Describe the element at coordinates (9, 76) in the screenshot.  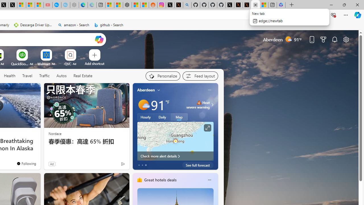
I see `'Health'` at that location.